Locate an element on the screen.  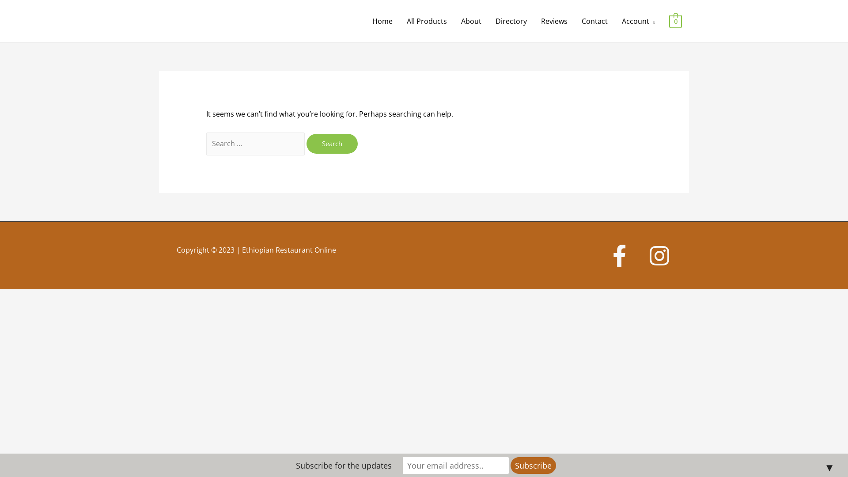
'0' is located at coordinates (675, 20).